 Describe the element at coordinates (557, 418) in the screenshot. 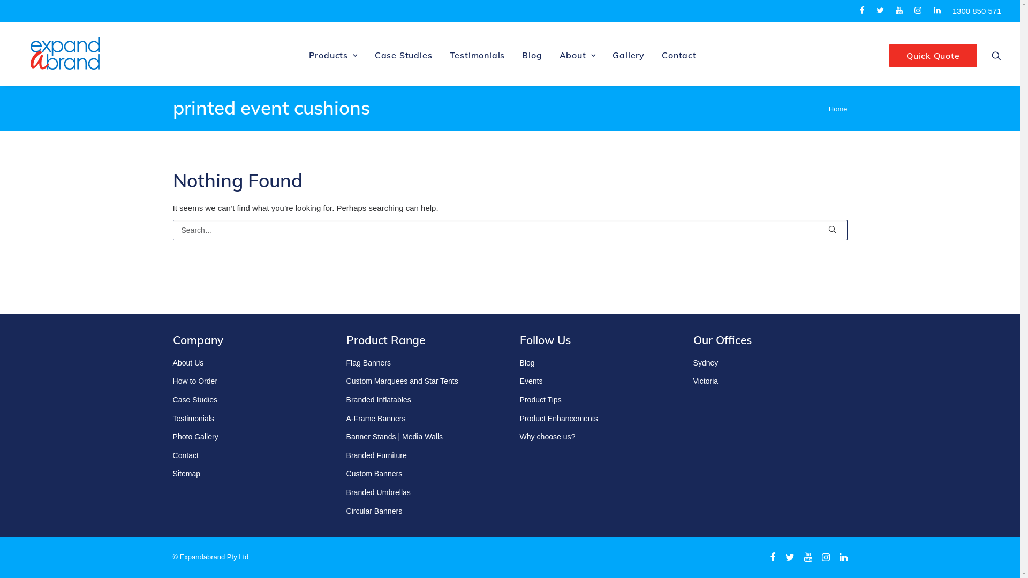

I see `'Product Enhancements'` at that location.